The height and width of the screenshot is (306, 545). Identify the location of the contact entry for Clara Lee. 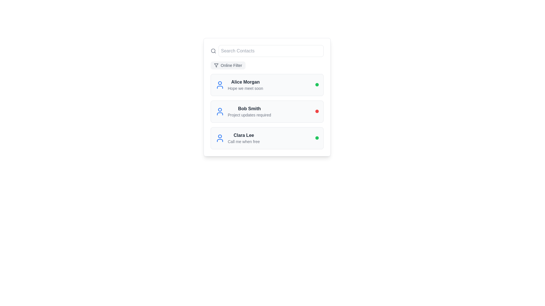
(237, 138).